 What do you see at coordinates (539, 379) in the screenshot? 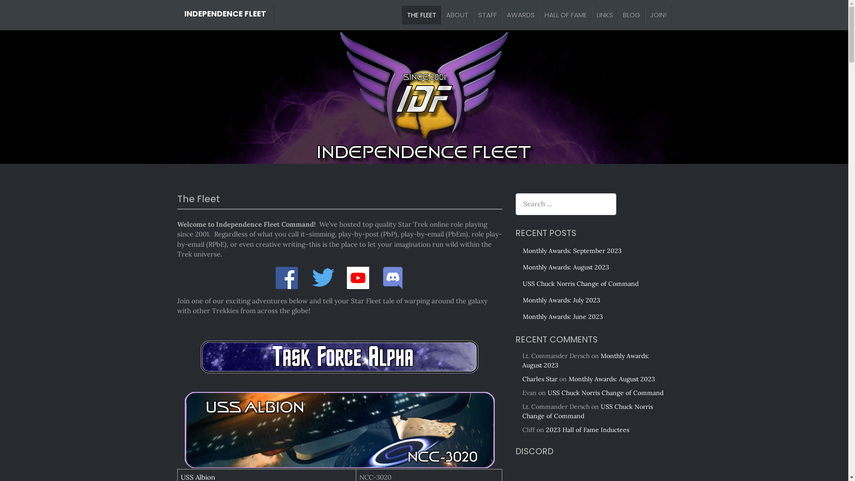
I see `'Charles Star'` at bounding box center [539, 379].